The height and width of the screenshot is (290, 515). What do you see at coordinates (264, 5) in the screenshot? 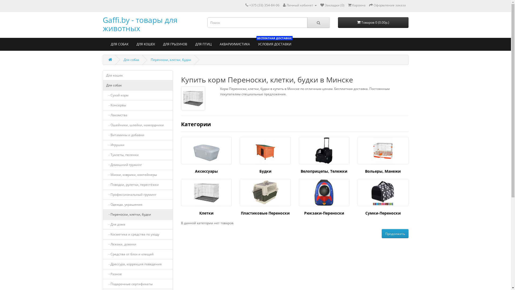
I see `'+375 (33) 354-84-06'` at bounding box center [264, 5].